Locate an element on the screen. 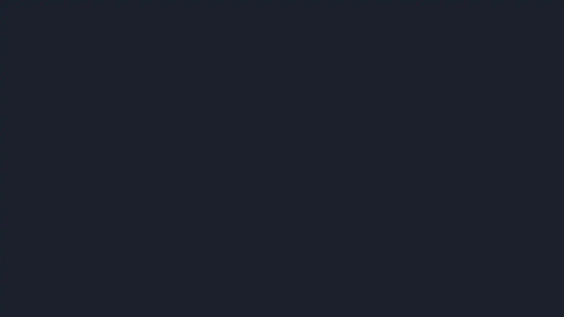 Image resolution: width=564 pixels, height=317 pixels. Download is located at coordinates (389, 20).